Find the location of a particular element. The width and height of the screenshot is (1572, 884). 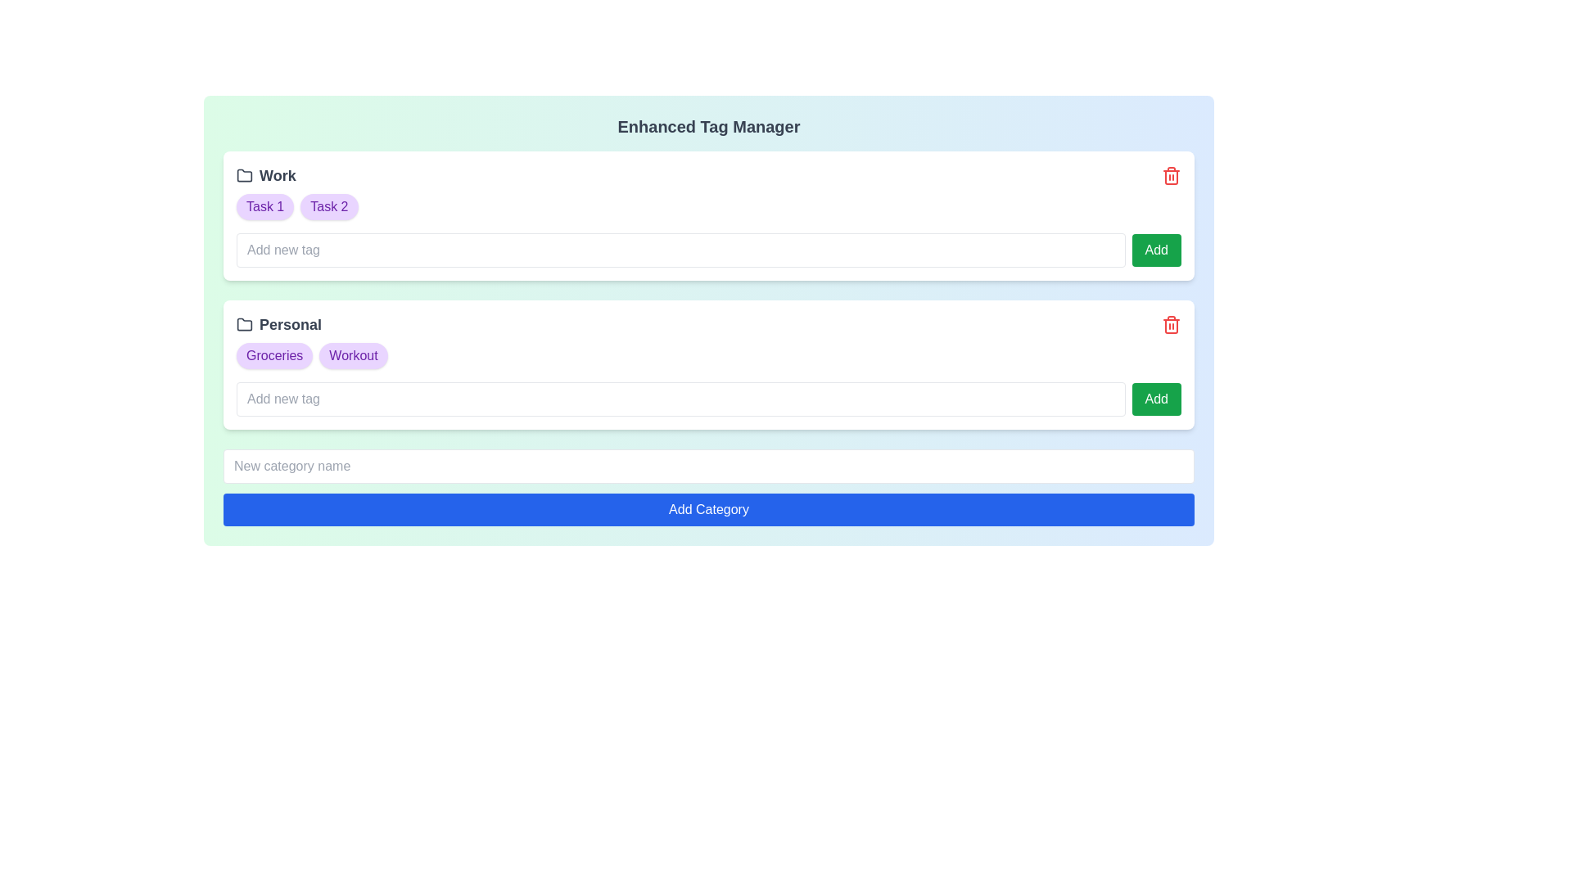

the Icon button (trash can) used for deleting the 'Personal' category or its contents by interacting with it is located at coordinates (1170, 325).